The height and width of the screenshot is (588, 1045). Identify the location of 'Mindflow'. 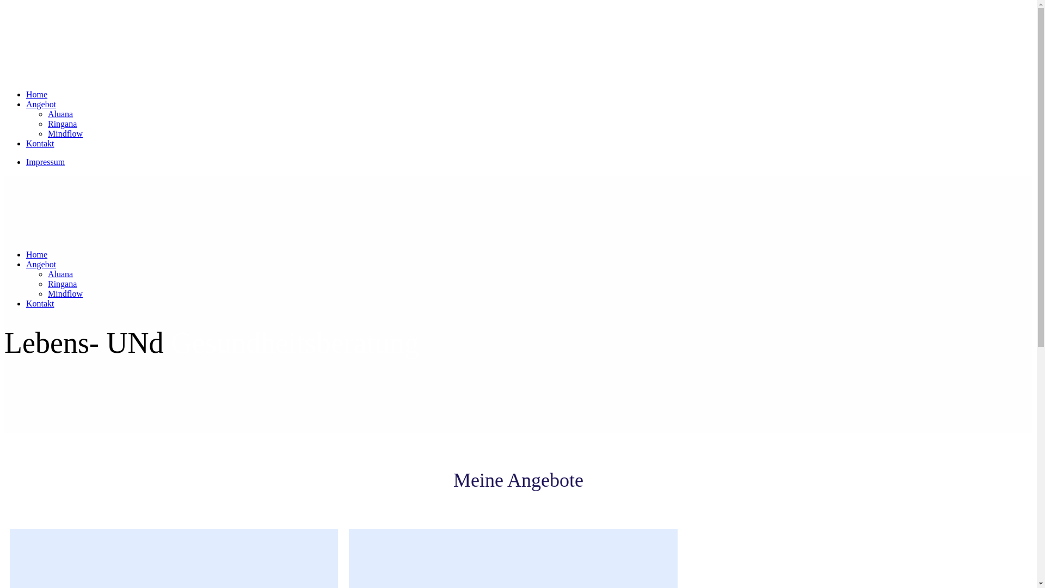
(65, 133).